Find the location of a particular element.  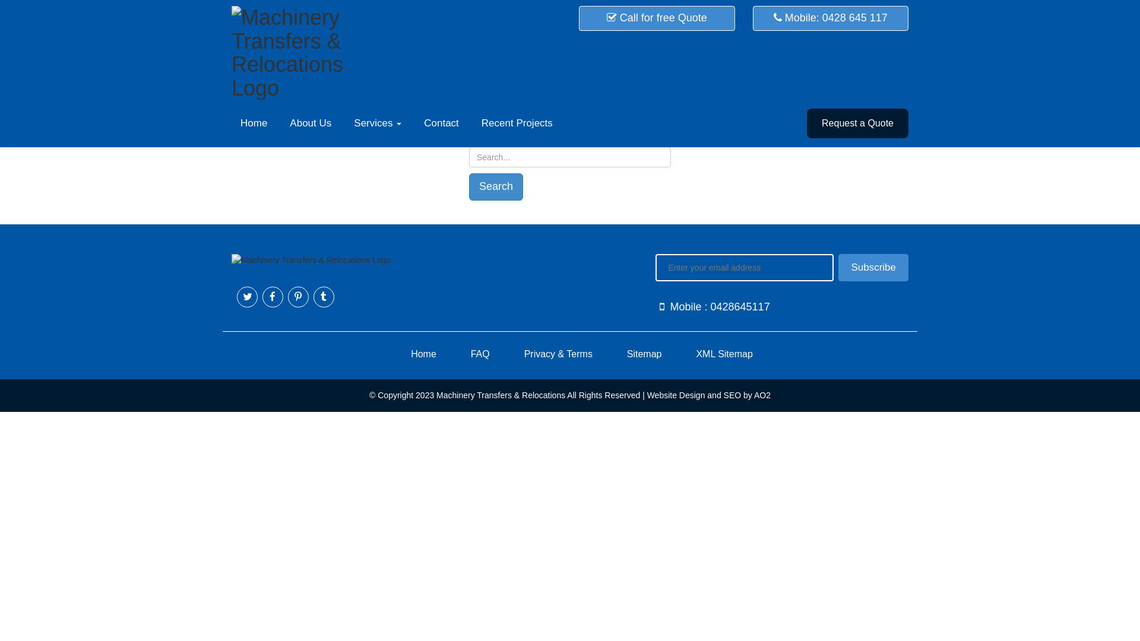

'Sitemap' is located at coordinates (644, 353).